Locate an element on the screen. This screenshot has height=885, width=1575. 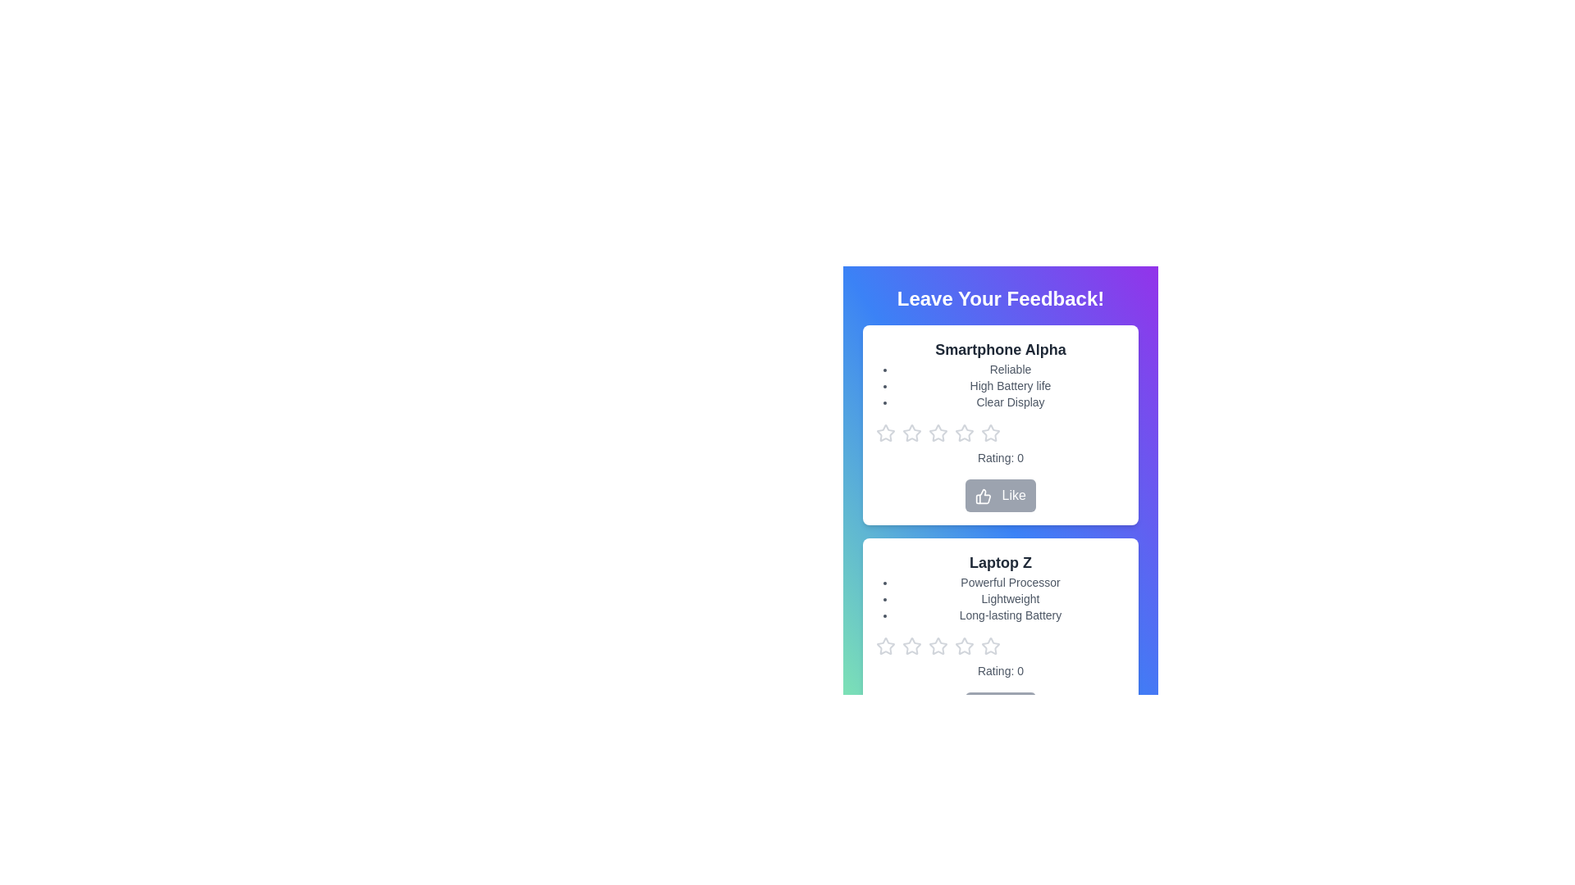
the first star in the second row of the rating system for 'Laptop Z' is located at coordinates (911, 645).